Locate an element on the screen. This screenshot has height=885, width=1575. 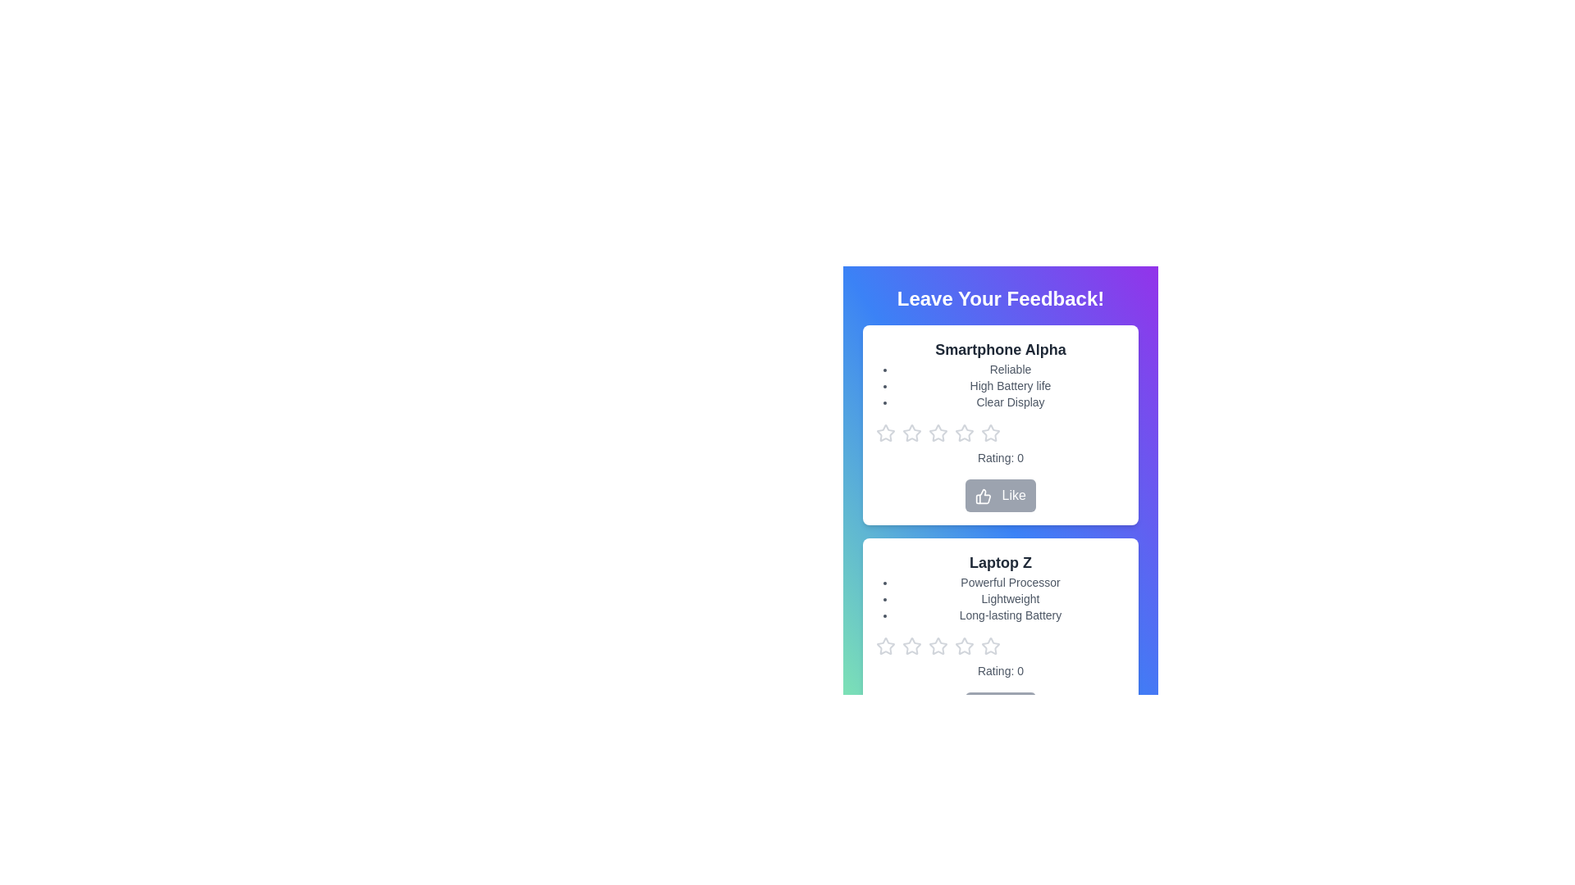
the first star in the second row of the rating system for 'Laptop Z' is located at coordinates (911, 645).